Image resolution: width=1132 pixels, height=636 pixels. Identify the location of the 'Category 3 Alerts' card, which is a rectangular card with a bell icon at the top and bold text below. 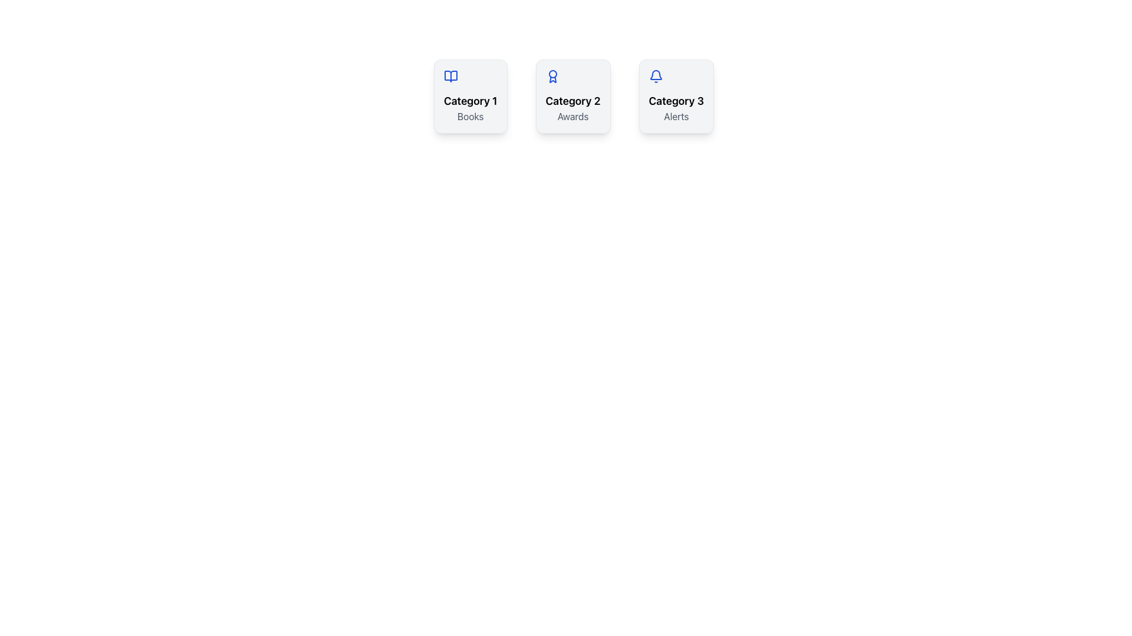
(676, 96).